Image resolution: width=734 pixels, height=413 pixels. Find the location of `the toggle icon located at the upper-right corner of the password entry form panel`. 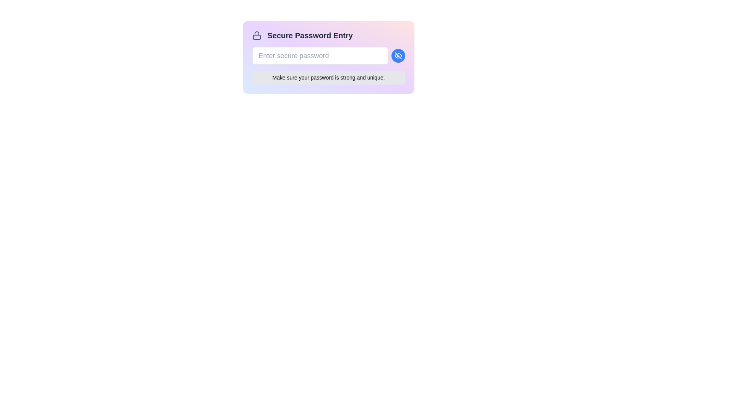

the toggle icon located at the upper-right corner of the password entry form panel is located at coordinates (398, 55).